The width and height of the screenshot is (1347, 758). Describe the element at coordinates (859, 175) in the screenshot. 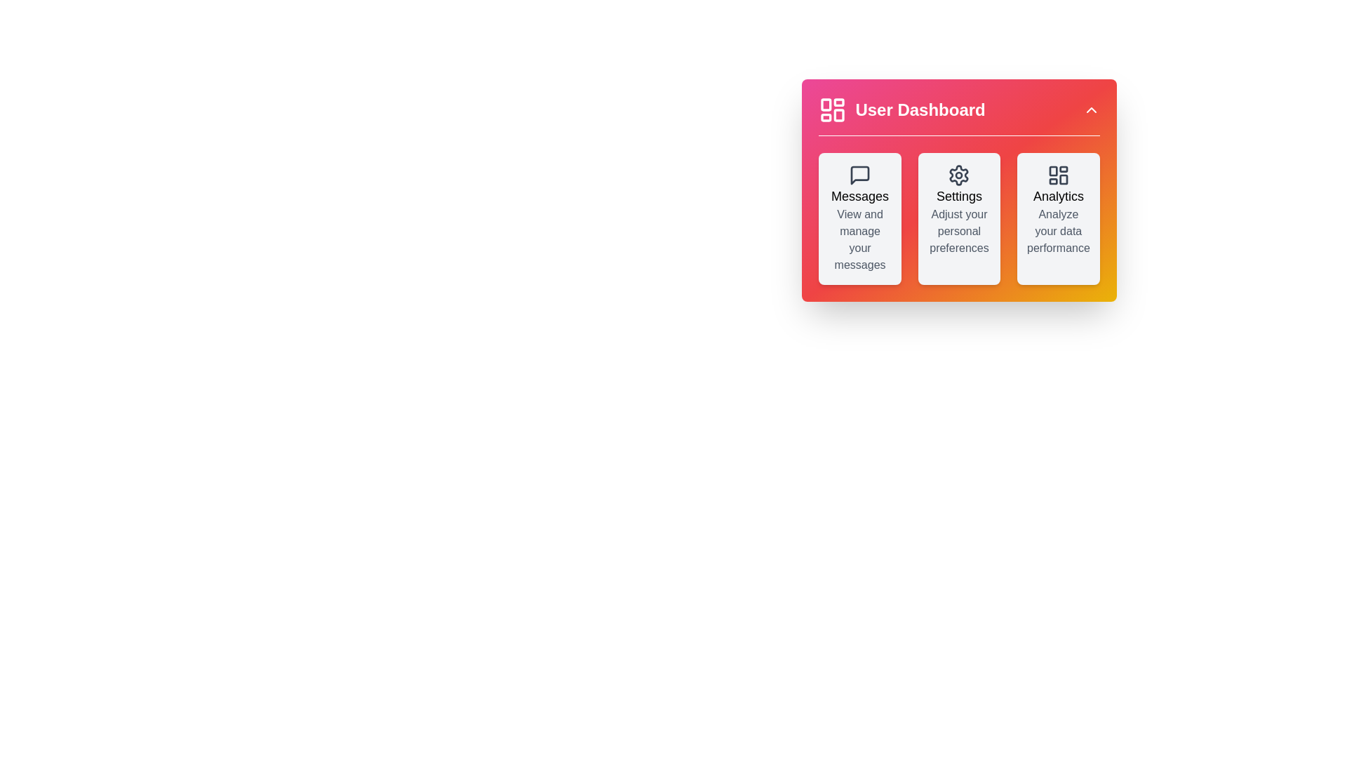

I see `the 'Messages' icon located at the top of the 'Messages' card in the 'User Dashboard' section to indicate its purpose` at that location.